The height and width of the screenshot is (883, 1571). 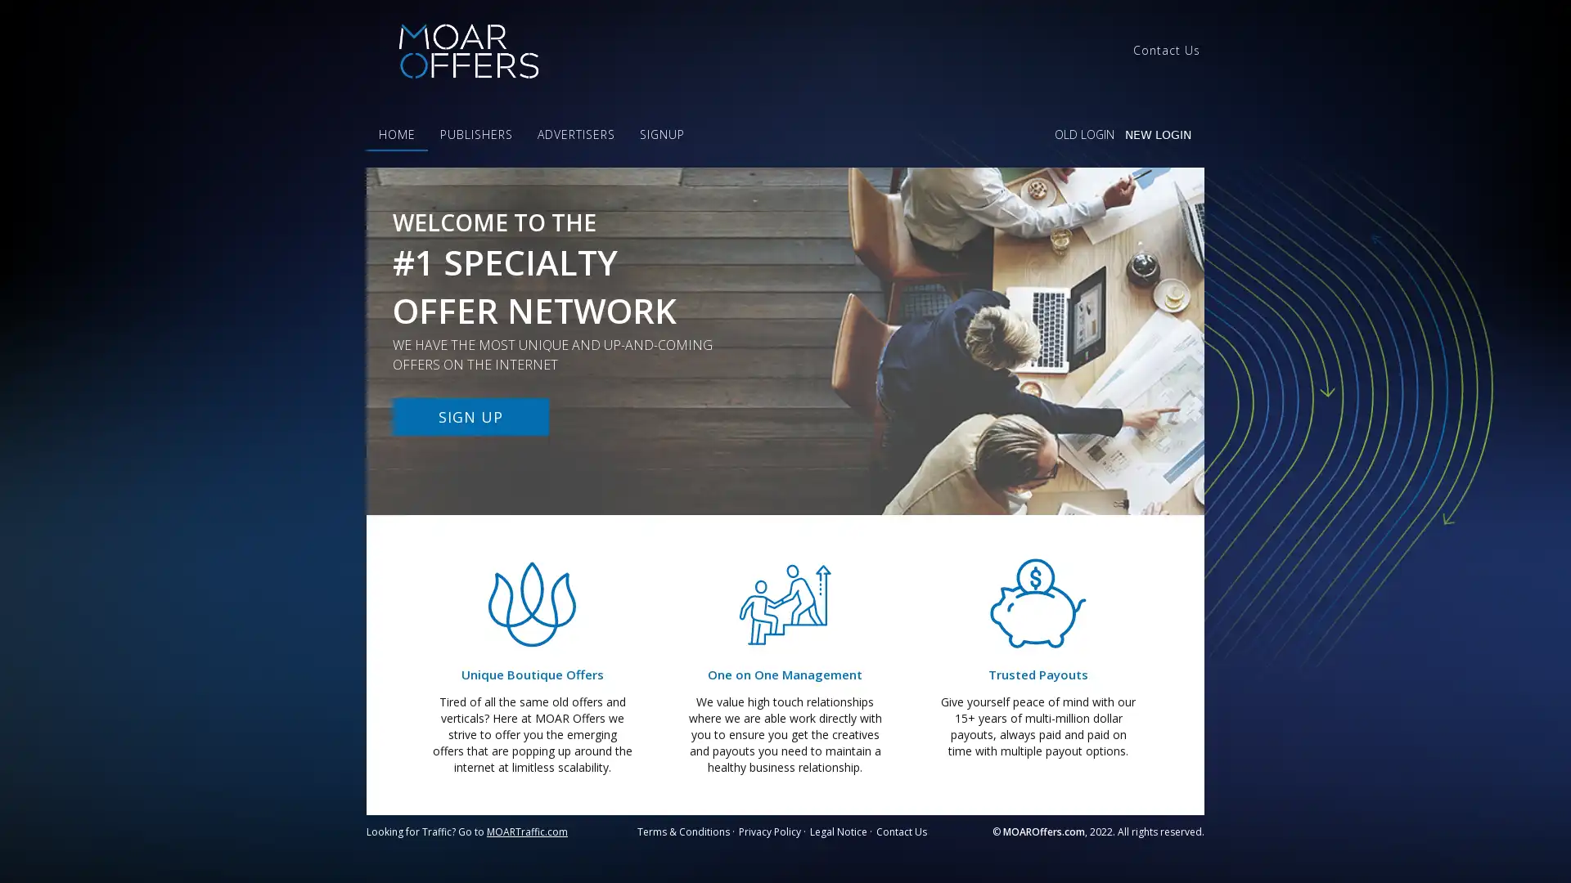 What do you see at coordinates (1157, 134) in the screenshot?
I see `NEW LOGIN` at bounding box center [1157, 134].